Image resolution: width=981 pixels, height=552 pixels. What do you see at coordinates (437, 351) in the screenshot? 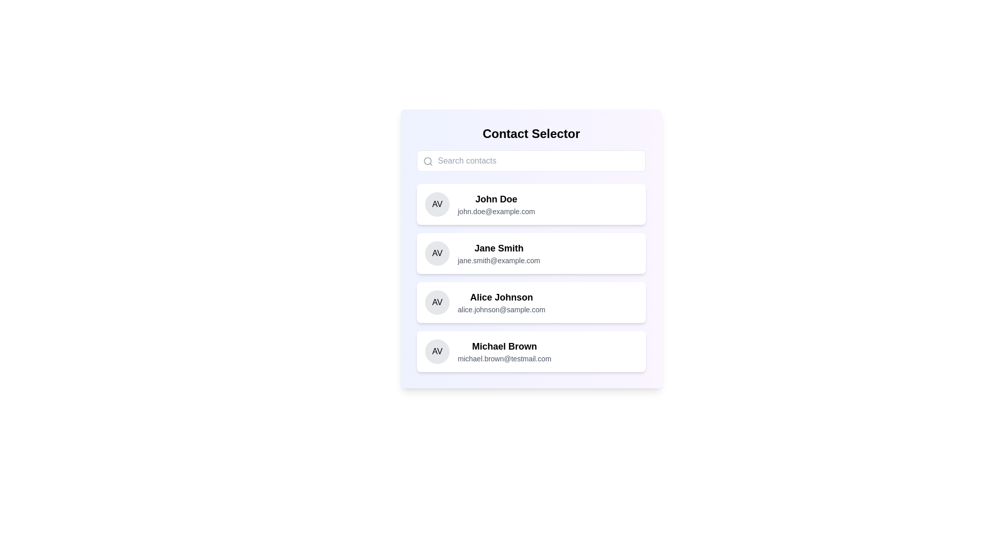
I see `the circular avatar icon representing the contact 'Michael Brown'` at bounding box center [437, 351].